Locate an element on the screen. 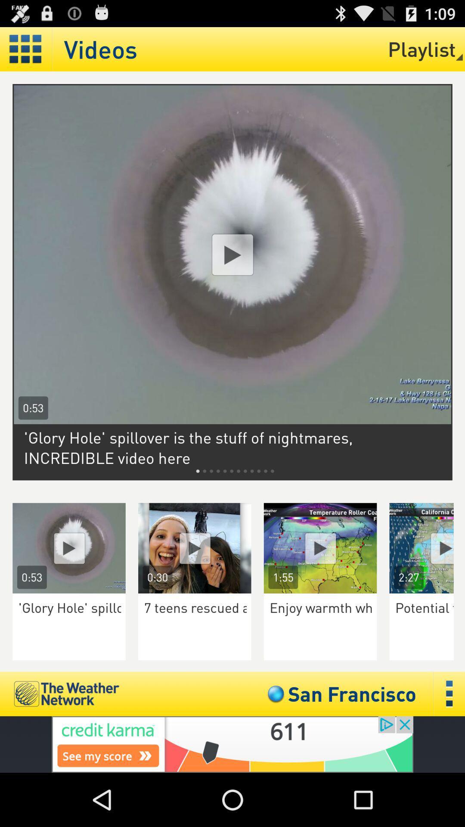  watch the video is located at coordinates (195, 547).